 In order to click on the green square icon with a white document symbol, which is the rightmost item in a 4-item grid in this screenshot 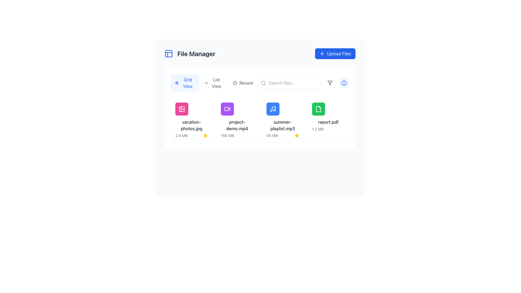, I will do `click(319, 109)`.